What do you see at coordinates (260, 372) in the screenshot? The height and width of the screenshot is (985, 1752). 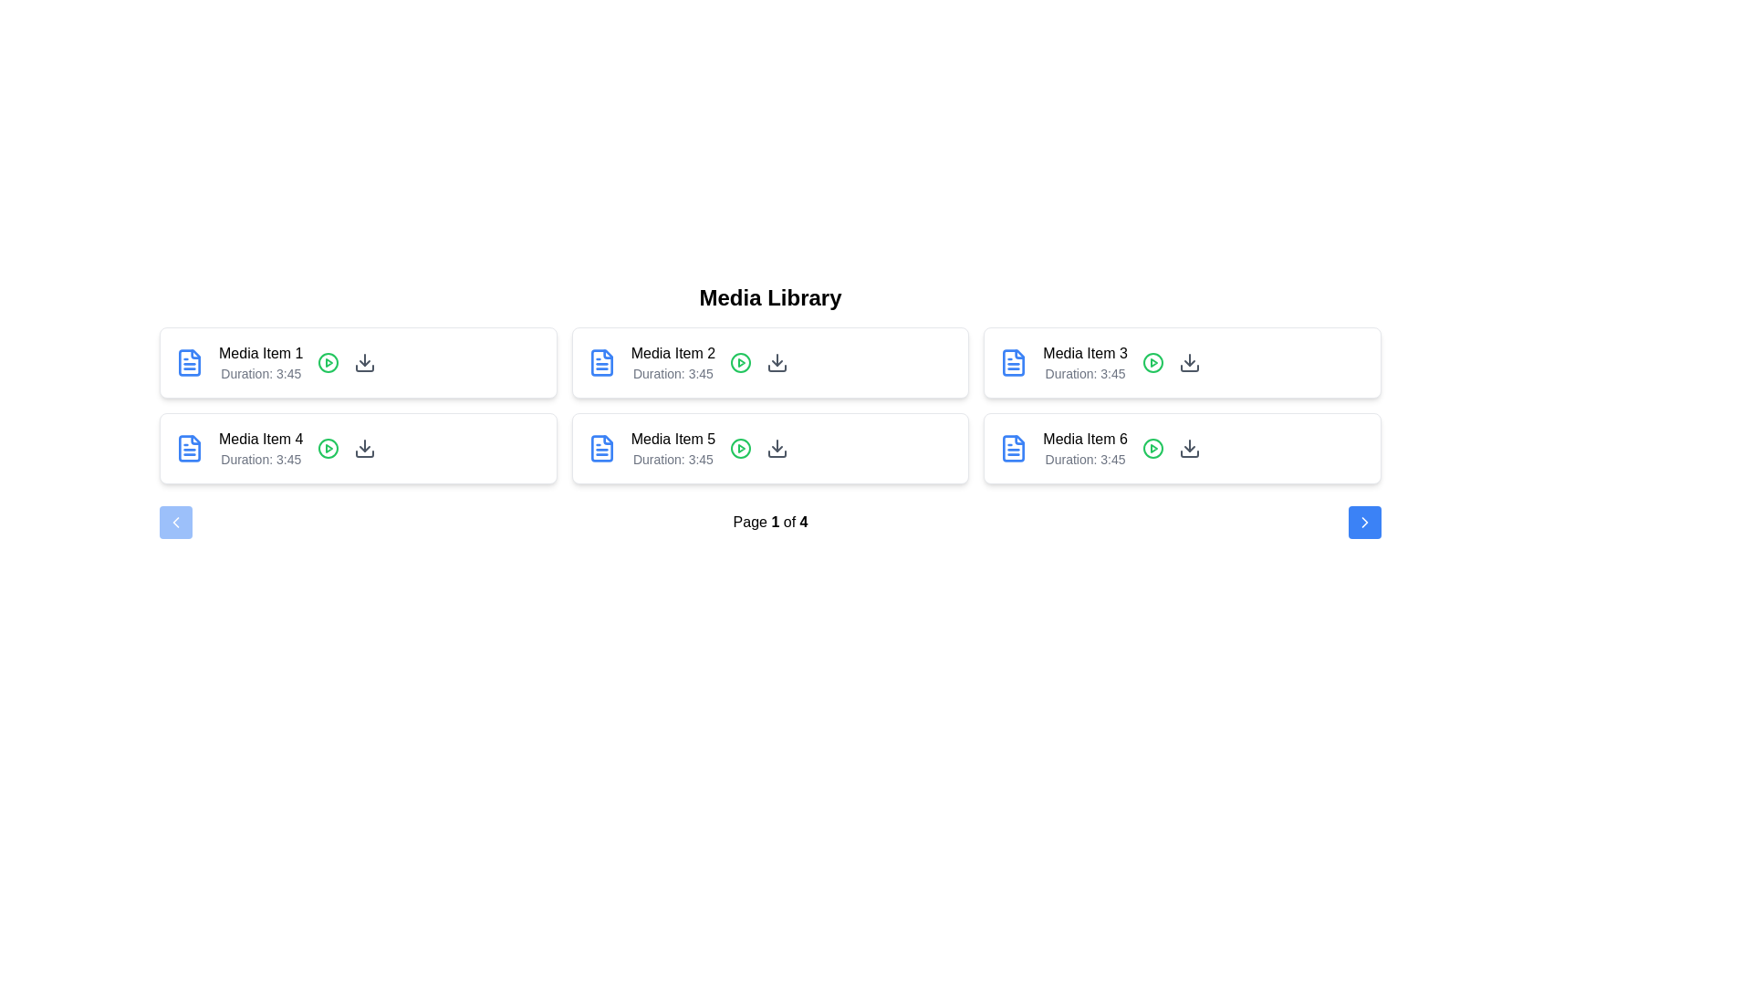 I see `the non-interactive informational label that indicates the duration of the media item, located in the first card of the leftmost column, directly below 'Media Item 1'` at bounding box center [260, 372].